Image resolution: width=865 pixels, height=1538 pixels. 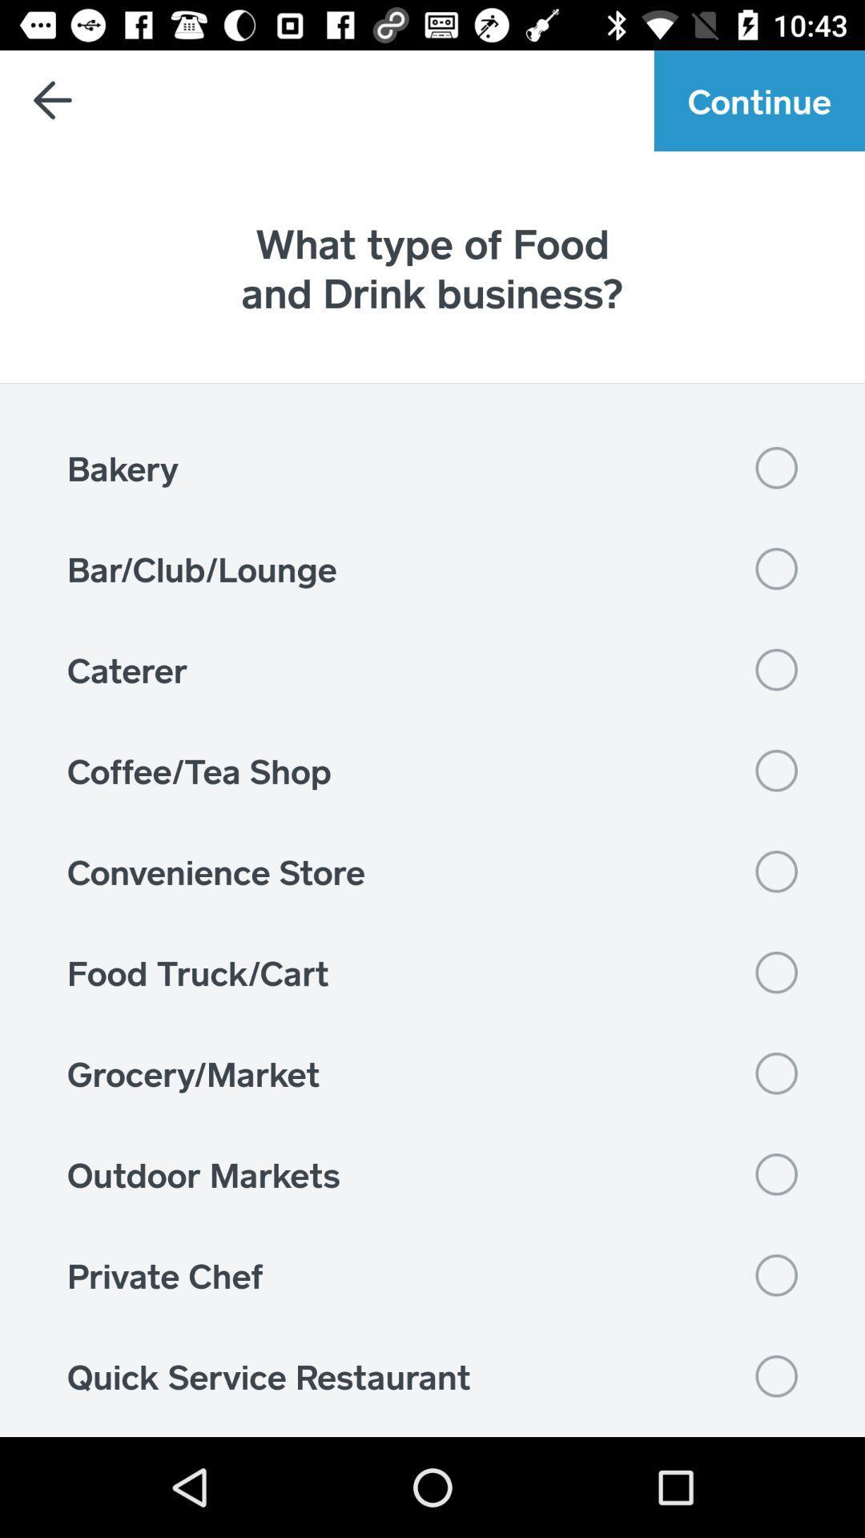 I want to click on icon below bakery, so click(x=432, y=569).